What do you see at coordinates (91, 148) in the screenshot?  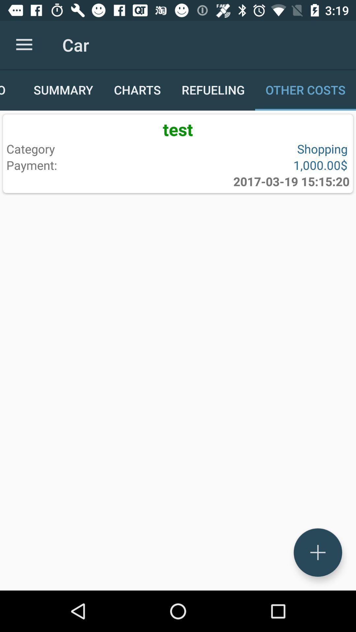 I see `icon above the payment: icon` at bounding box center [91, 148].